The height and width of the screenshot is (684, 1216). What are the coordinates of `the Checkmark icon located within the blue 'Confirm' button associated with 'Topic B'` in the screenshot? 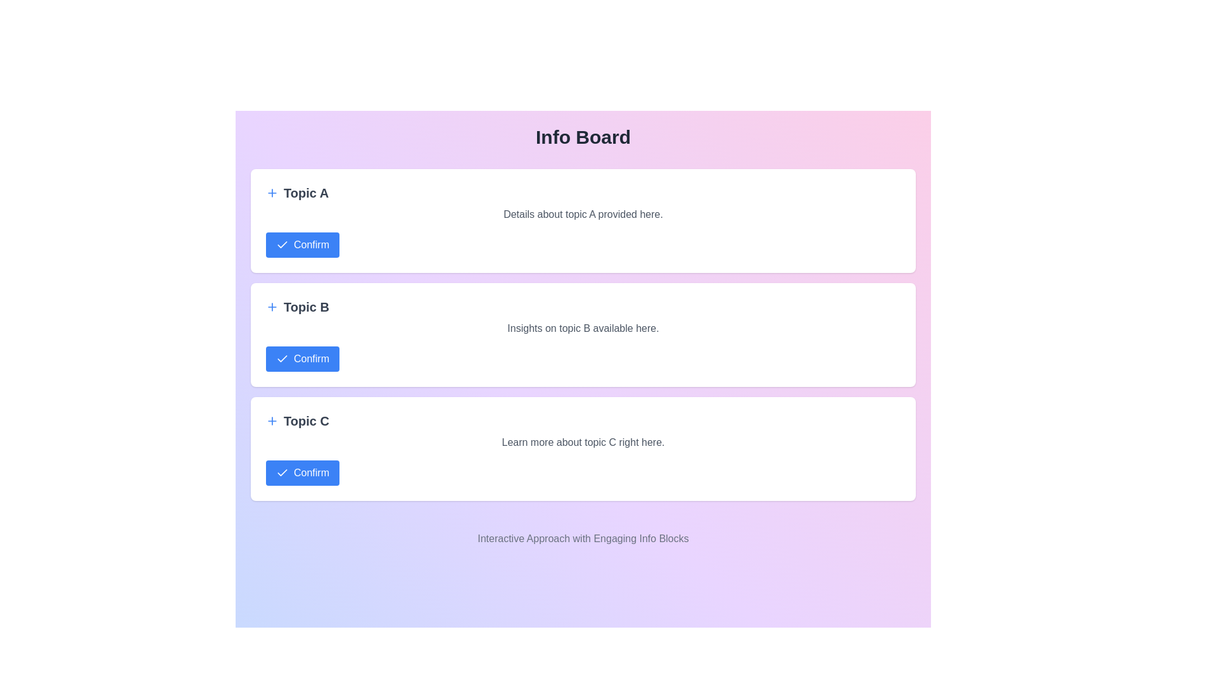 It's located at (282, 244).